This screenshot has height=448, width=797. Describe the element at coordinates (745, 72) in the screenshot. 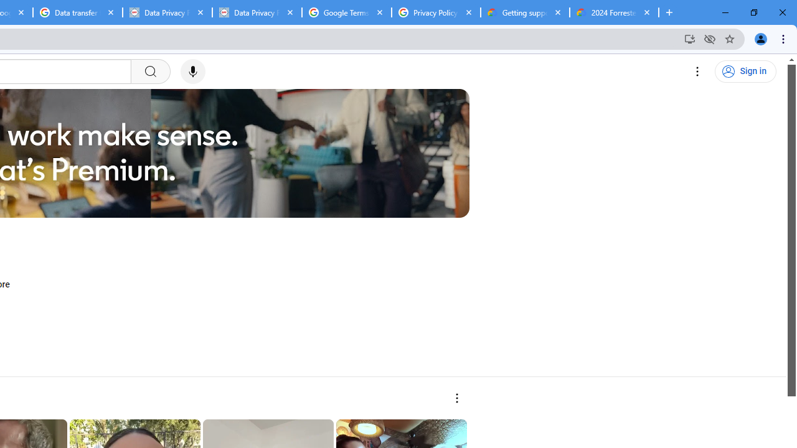

I see `'Sign in'` at that location.